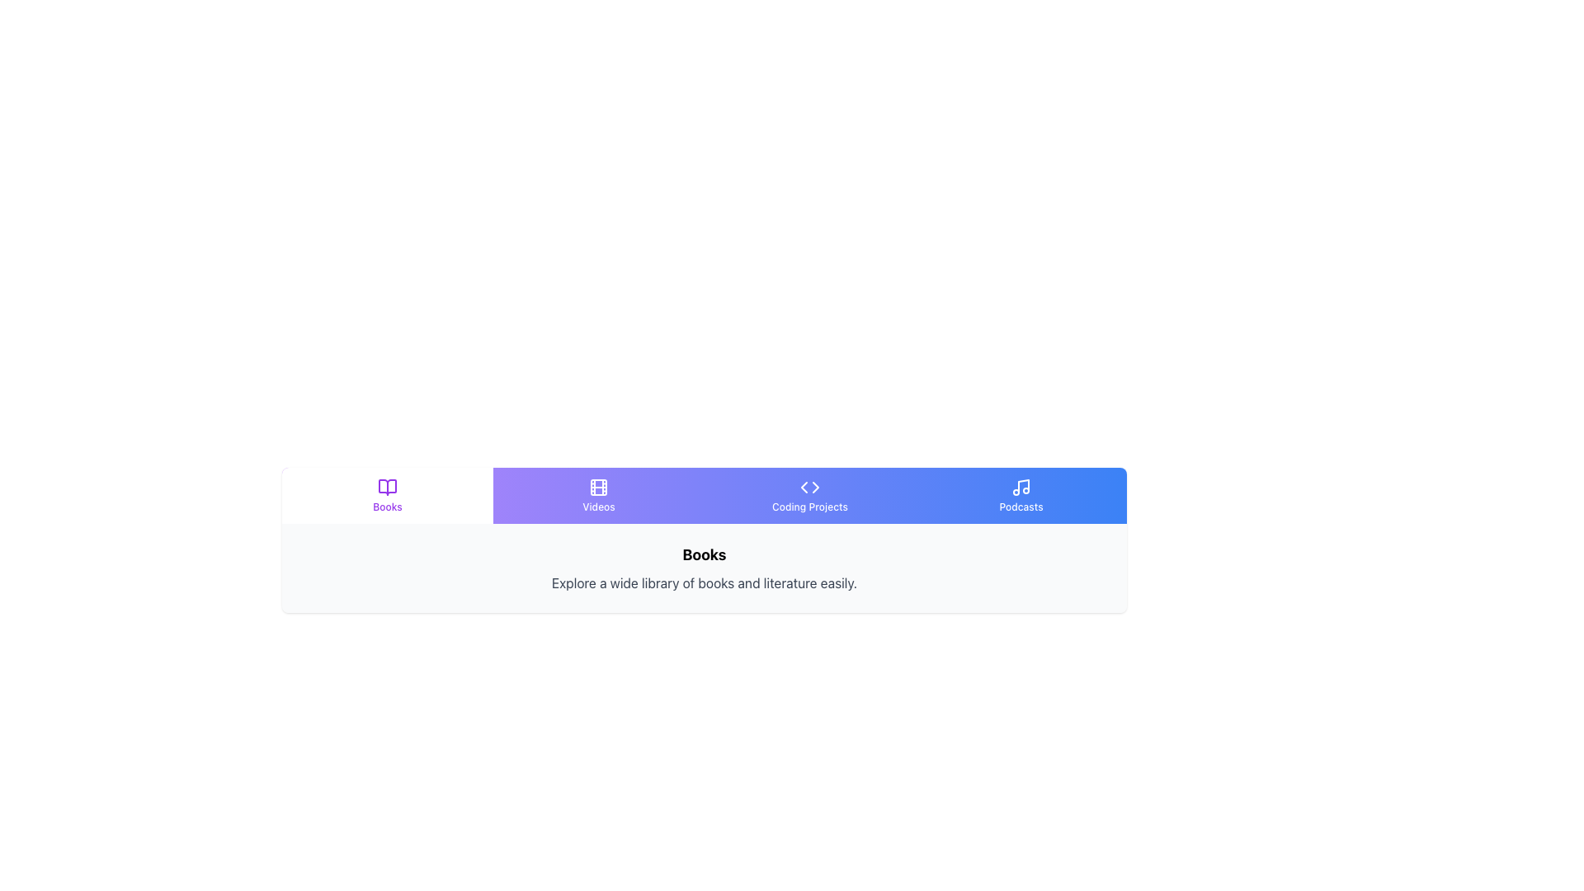 This screenshot has height=891, width=1584. Describe the element at coordinates (705, 568) in the screenshot. I see `the Text block that serves as a title and description for the 'Books' category, positioned centrally below the navigation bar` at that location.